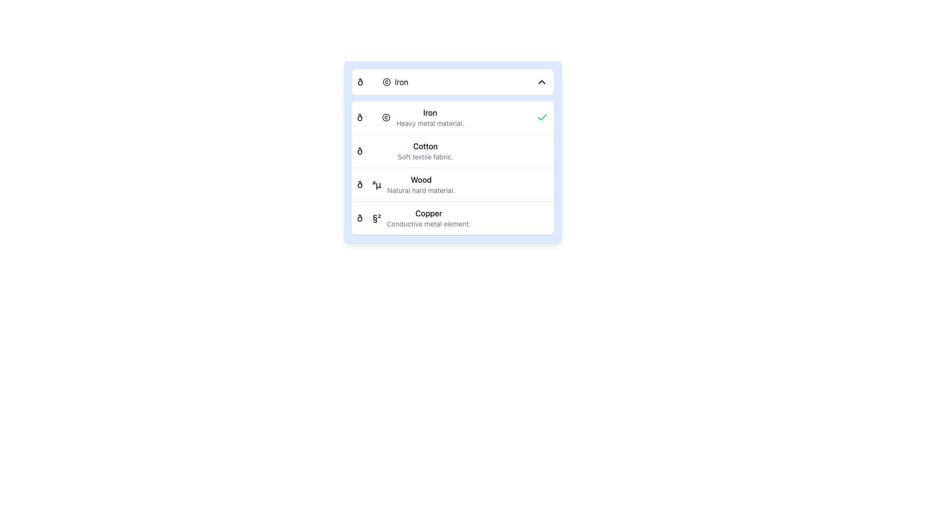 The width and height of the screenshot is (934, 525). Describe the element at coordinates (430, 123) in the screenshot. I see `descriptor text label 'Heavy metal material.' located below the 'Iron' title in the material list` at that location.